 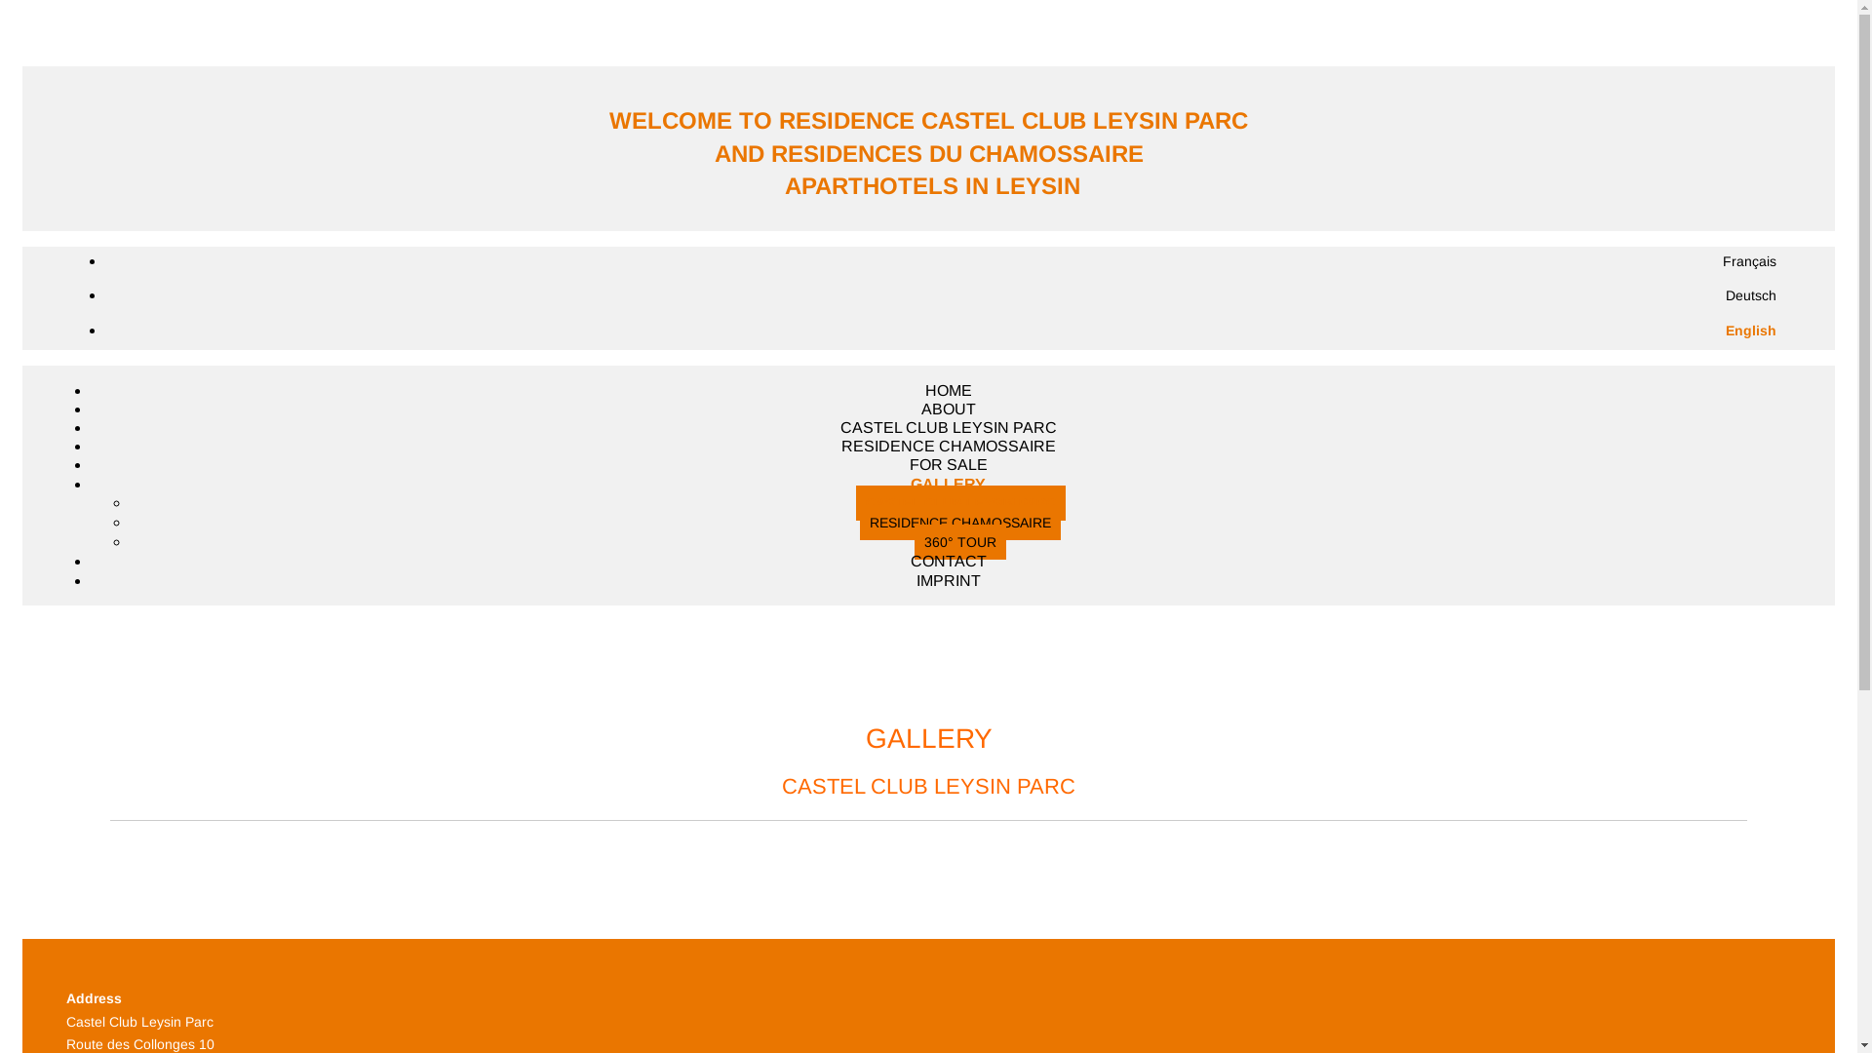 What do you see at coordinates (947, 408) in the screenshot?
I see `'ABOUT'` at bounding box center [947, 408].